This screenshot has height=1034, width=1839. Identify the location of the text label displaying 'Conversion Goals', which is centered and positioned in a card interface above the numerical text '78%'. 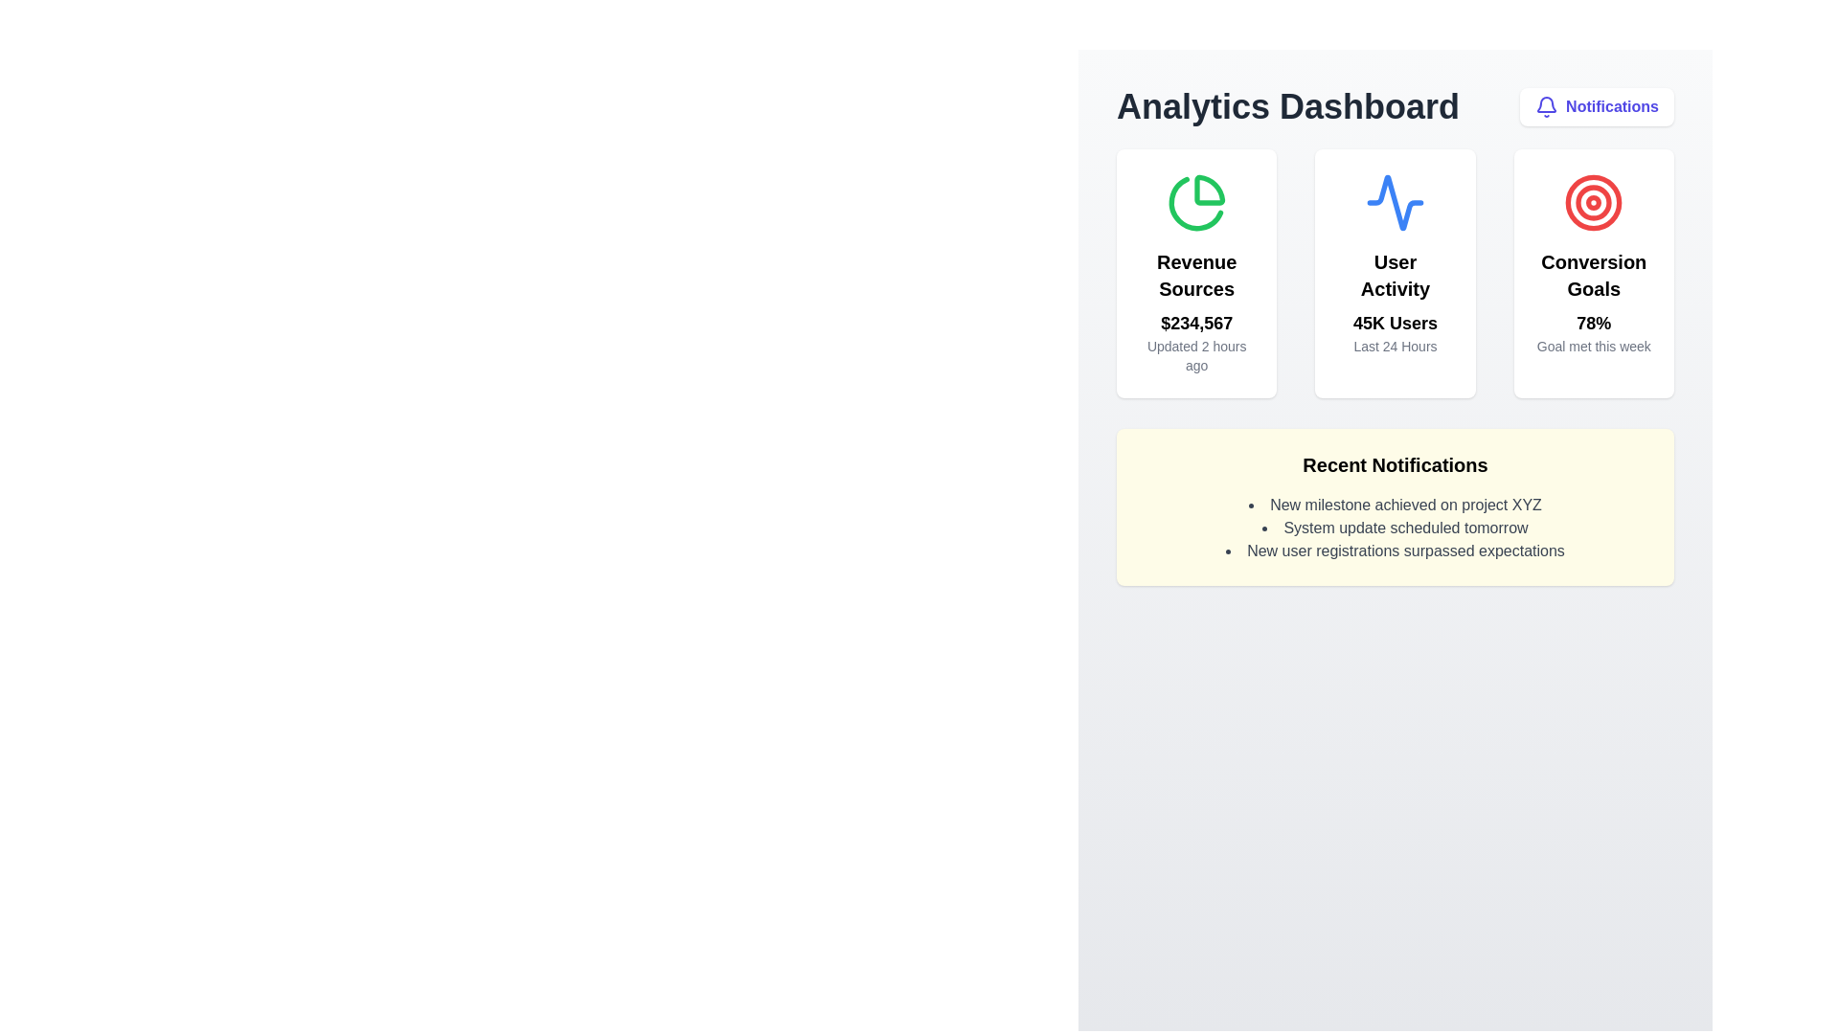
(1594, 276).